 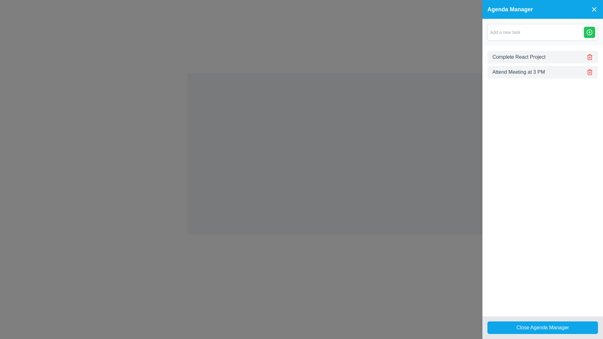 I want to click on the 'Attend Meeting at 3 PM' task item component located under the 'Agenda Manager' panel, which is the second item in the list, to potentially highlight it, so click(x=542, y=72).